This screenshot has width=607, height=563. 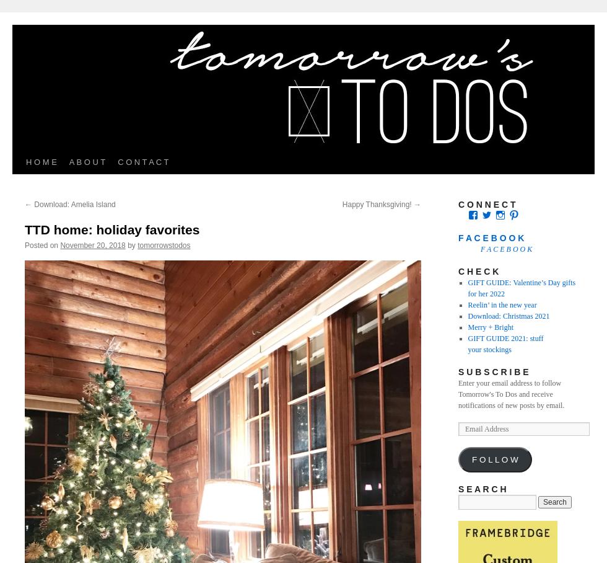 I want to click on 'tomorrowstodos', so click(x=164, y=244).